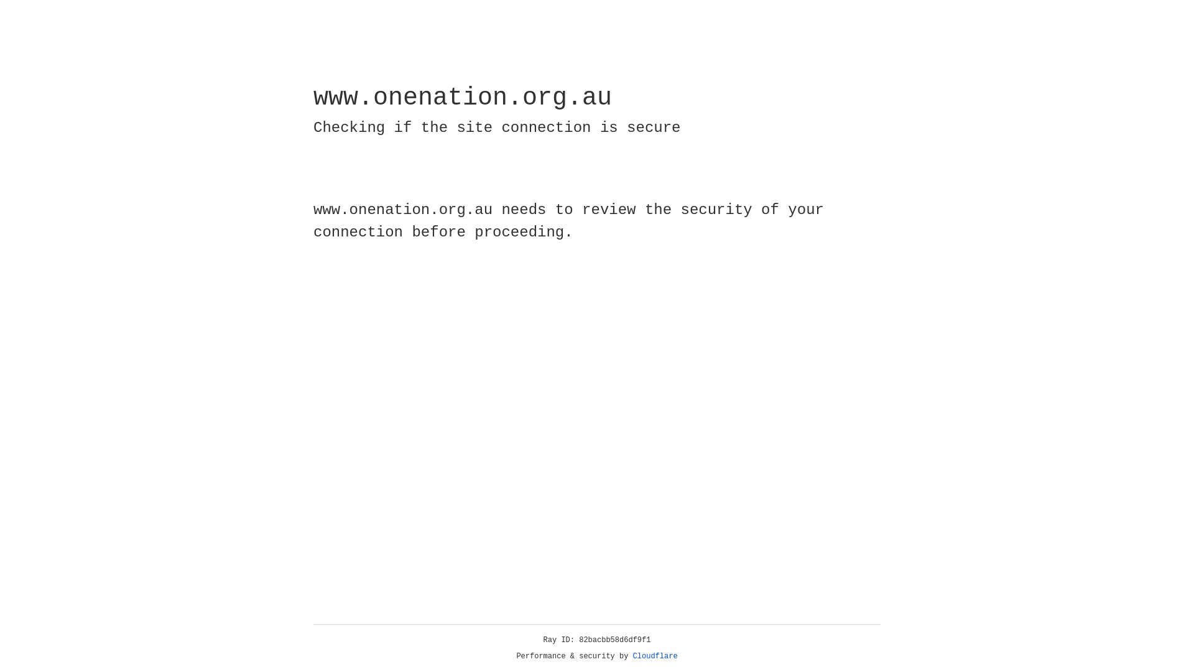 This screenshot has height=672, width=1194. I want to click on 'Cloudflare', so click(655, 656).